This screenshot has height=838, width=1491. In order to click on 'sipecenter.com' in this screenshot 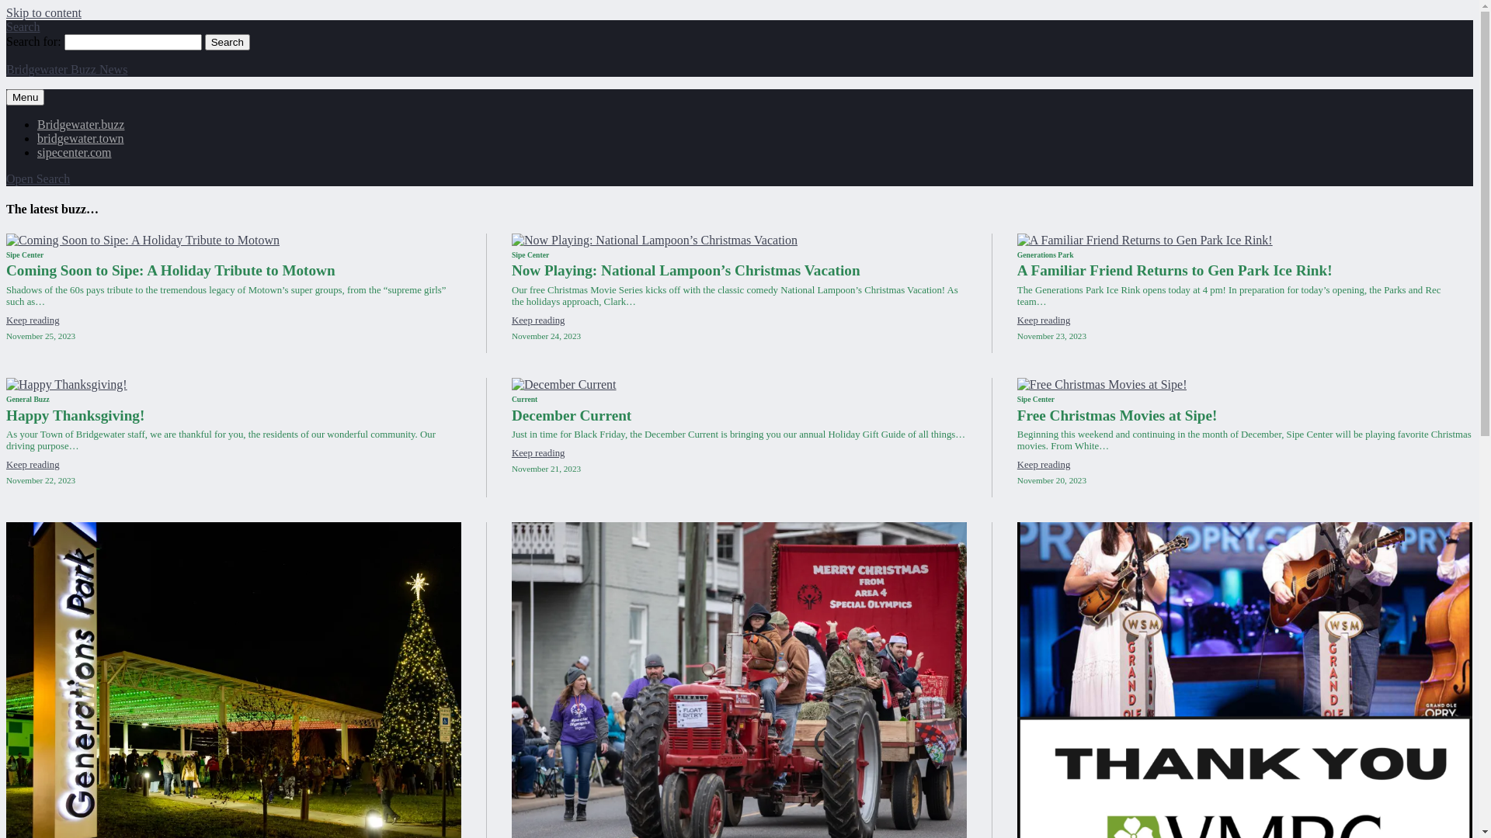, I will do `click(37, 152)`.